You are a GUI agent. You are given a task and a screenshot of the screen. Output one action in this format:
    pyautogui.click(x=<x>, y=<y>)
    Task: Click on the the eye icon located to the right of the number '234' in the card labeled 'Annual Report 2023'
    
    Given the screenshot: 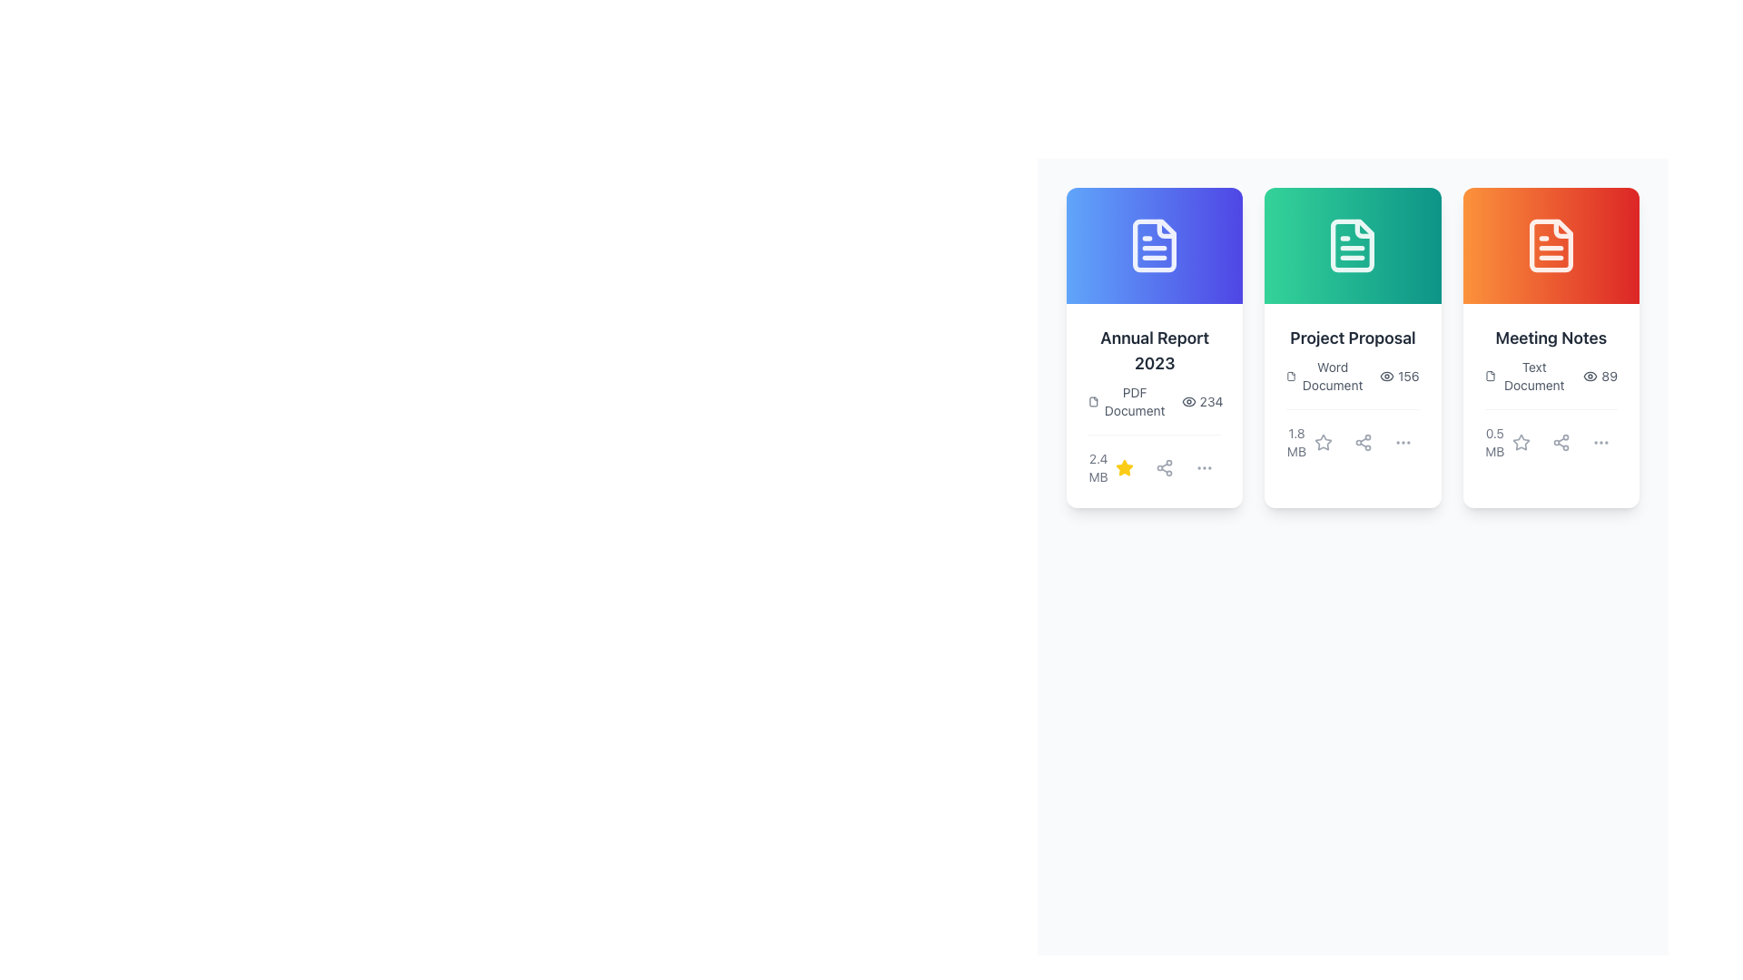 What is the action you would take?
    pyautogui.click(x=1188, y=401)
    